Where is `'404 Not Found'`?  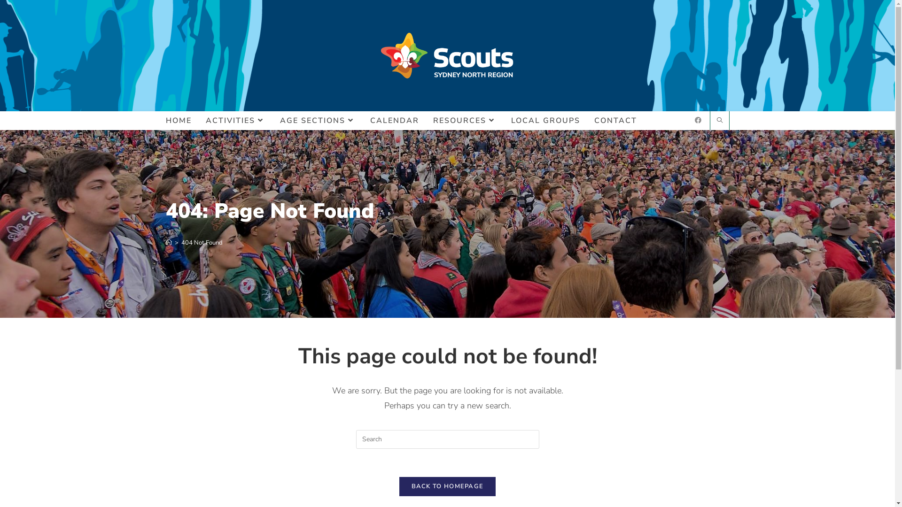 '404 Not Found' is located at coordinates (181, 242).